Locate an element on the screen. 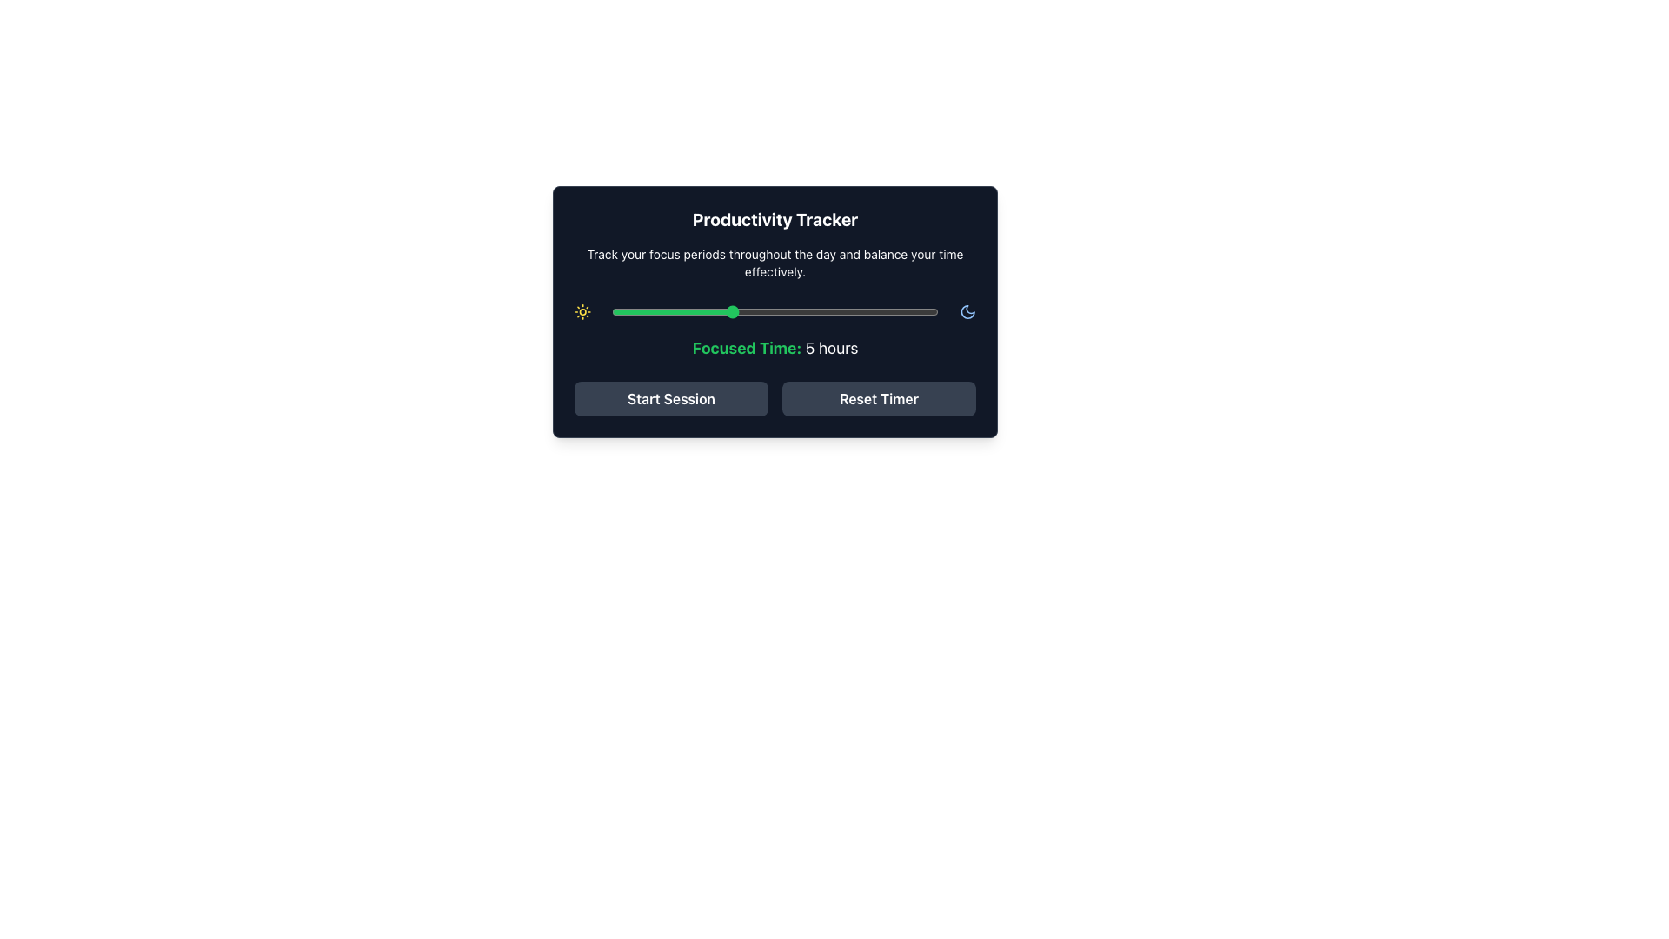 This screenshot has height=939, width=1669. the slider value is located at coordinates (818, 310).